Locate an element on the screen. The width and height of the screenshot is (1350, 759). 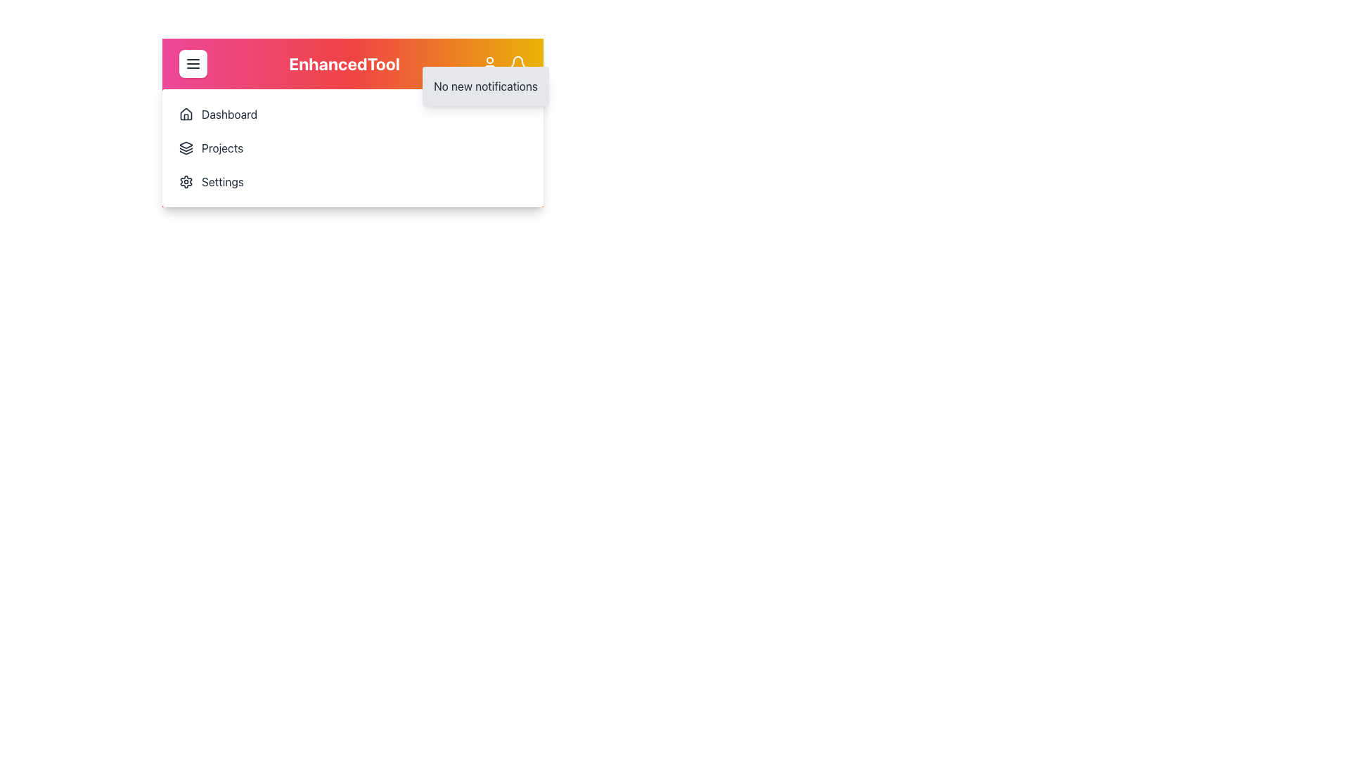
the 'Dashboard' label, which displays the word 'Dashboard' in black text and is positioned immediately to the right of the house icon in the navigation menu is located at coordinates (229, 113).